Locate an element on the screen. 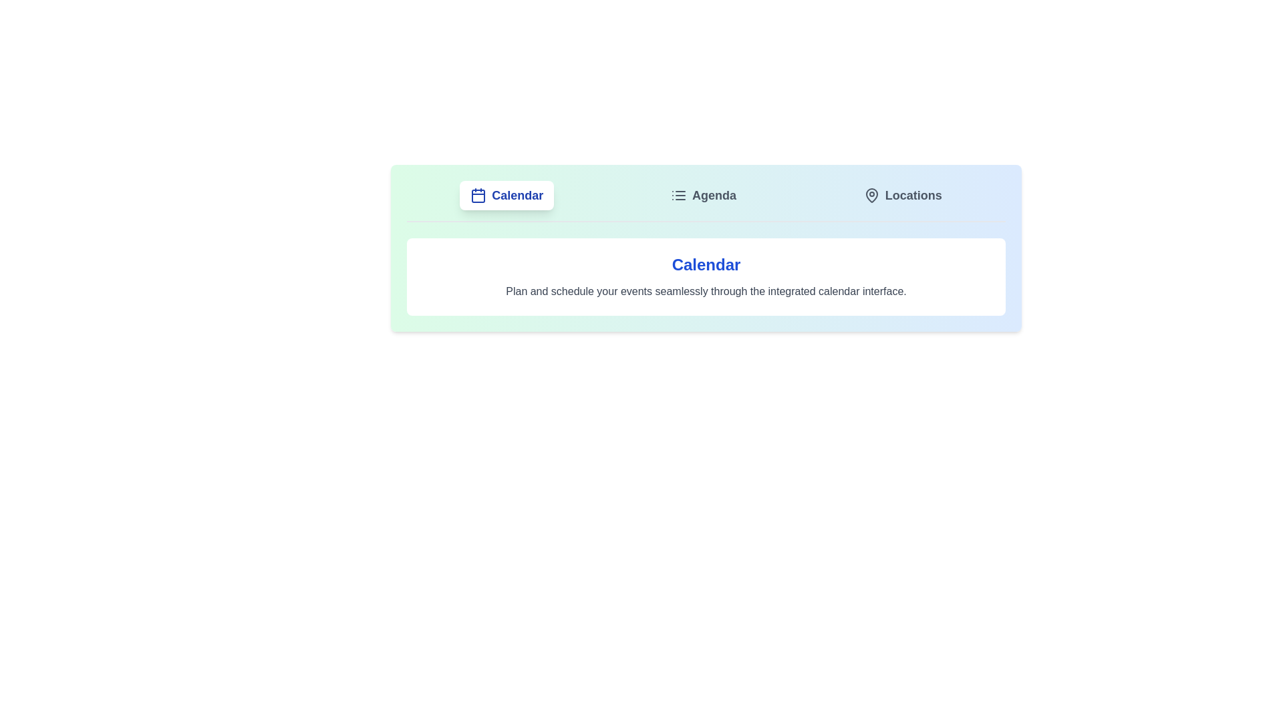 This screenshot has height=721, width=1283. the tab labeled 'Agenda' to observe visual feedback is located at coordinates (702, 196).